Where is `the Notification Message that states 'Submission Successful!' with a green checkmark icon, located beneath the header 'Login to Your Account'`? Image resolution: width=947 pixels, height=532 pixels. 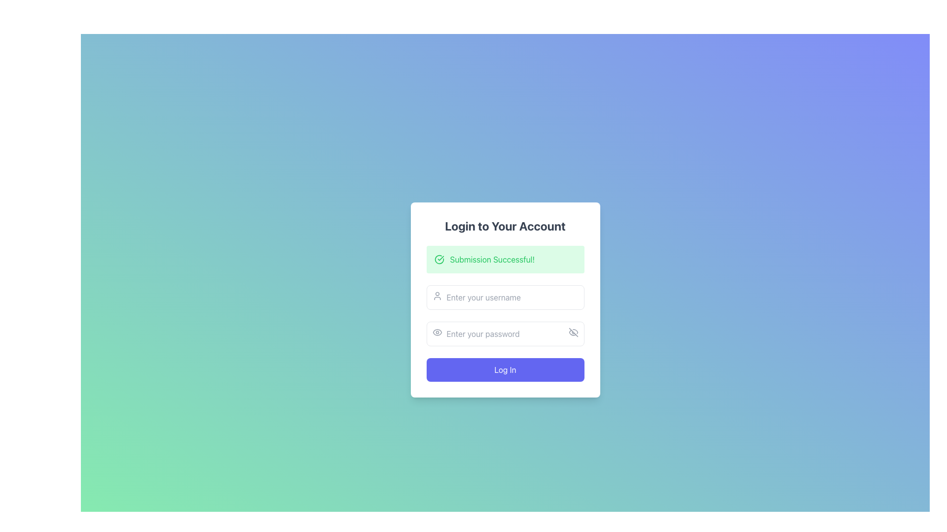
the Notification Message that states 'Submission Successful!' with a green checkmark icon, located beneath the header 'Login to Your Account' is located at coordinates (505, 259).